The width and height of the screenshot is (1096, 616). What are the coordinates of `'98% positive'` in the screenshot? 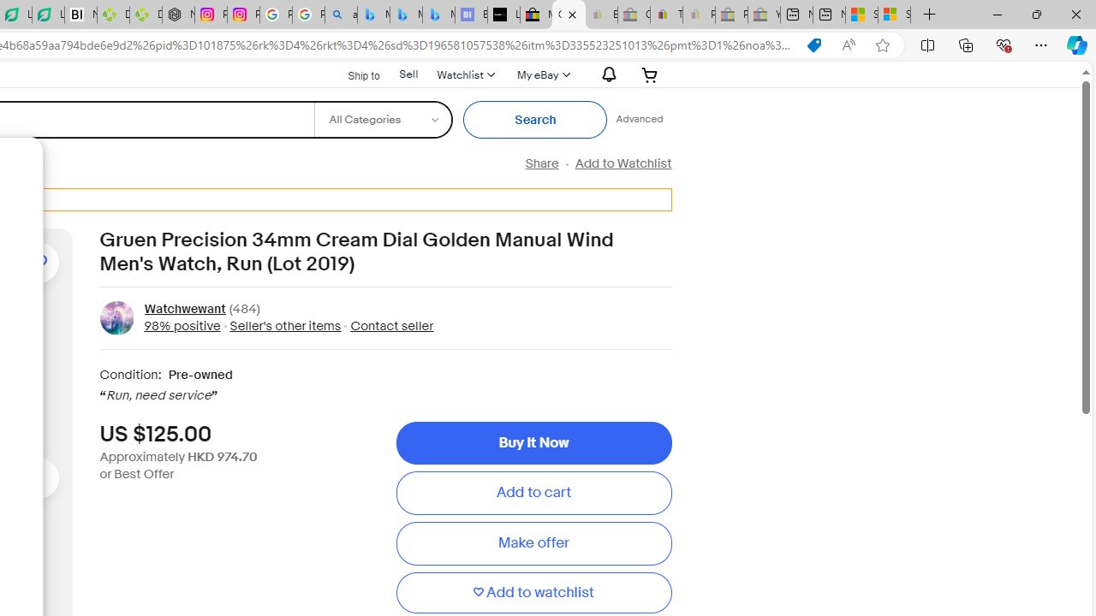 It's located at (182, 325).